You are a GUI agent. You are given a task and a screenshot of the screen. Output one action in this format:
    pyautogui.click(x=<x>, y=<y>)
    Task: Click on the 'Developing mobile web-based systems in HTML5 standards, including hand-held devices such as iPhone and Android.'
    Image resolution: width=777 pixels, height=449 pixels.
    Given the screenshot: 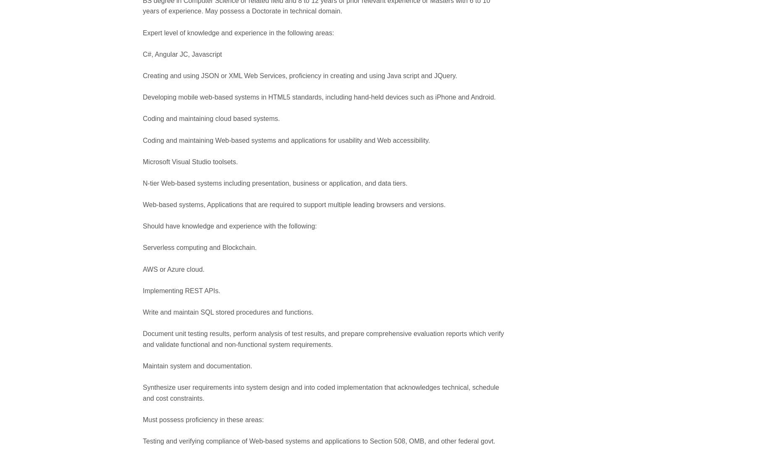 What is the action you would take?
    pyautogui.click(x=142, y=97)
    